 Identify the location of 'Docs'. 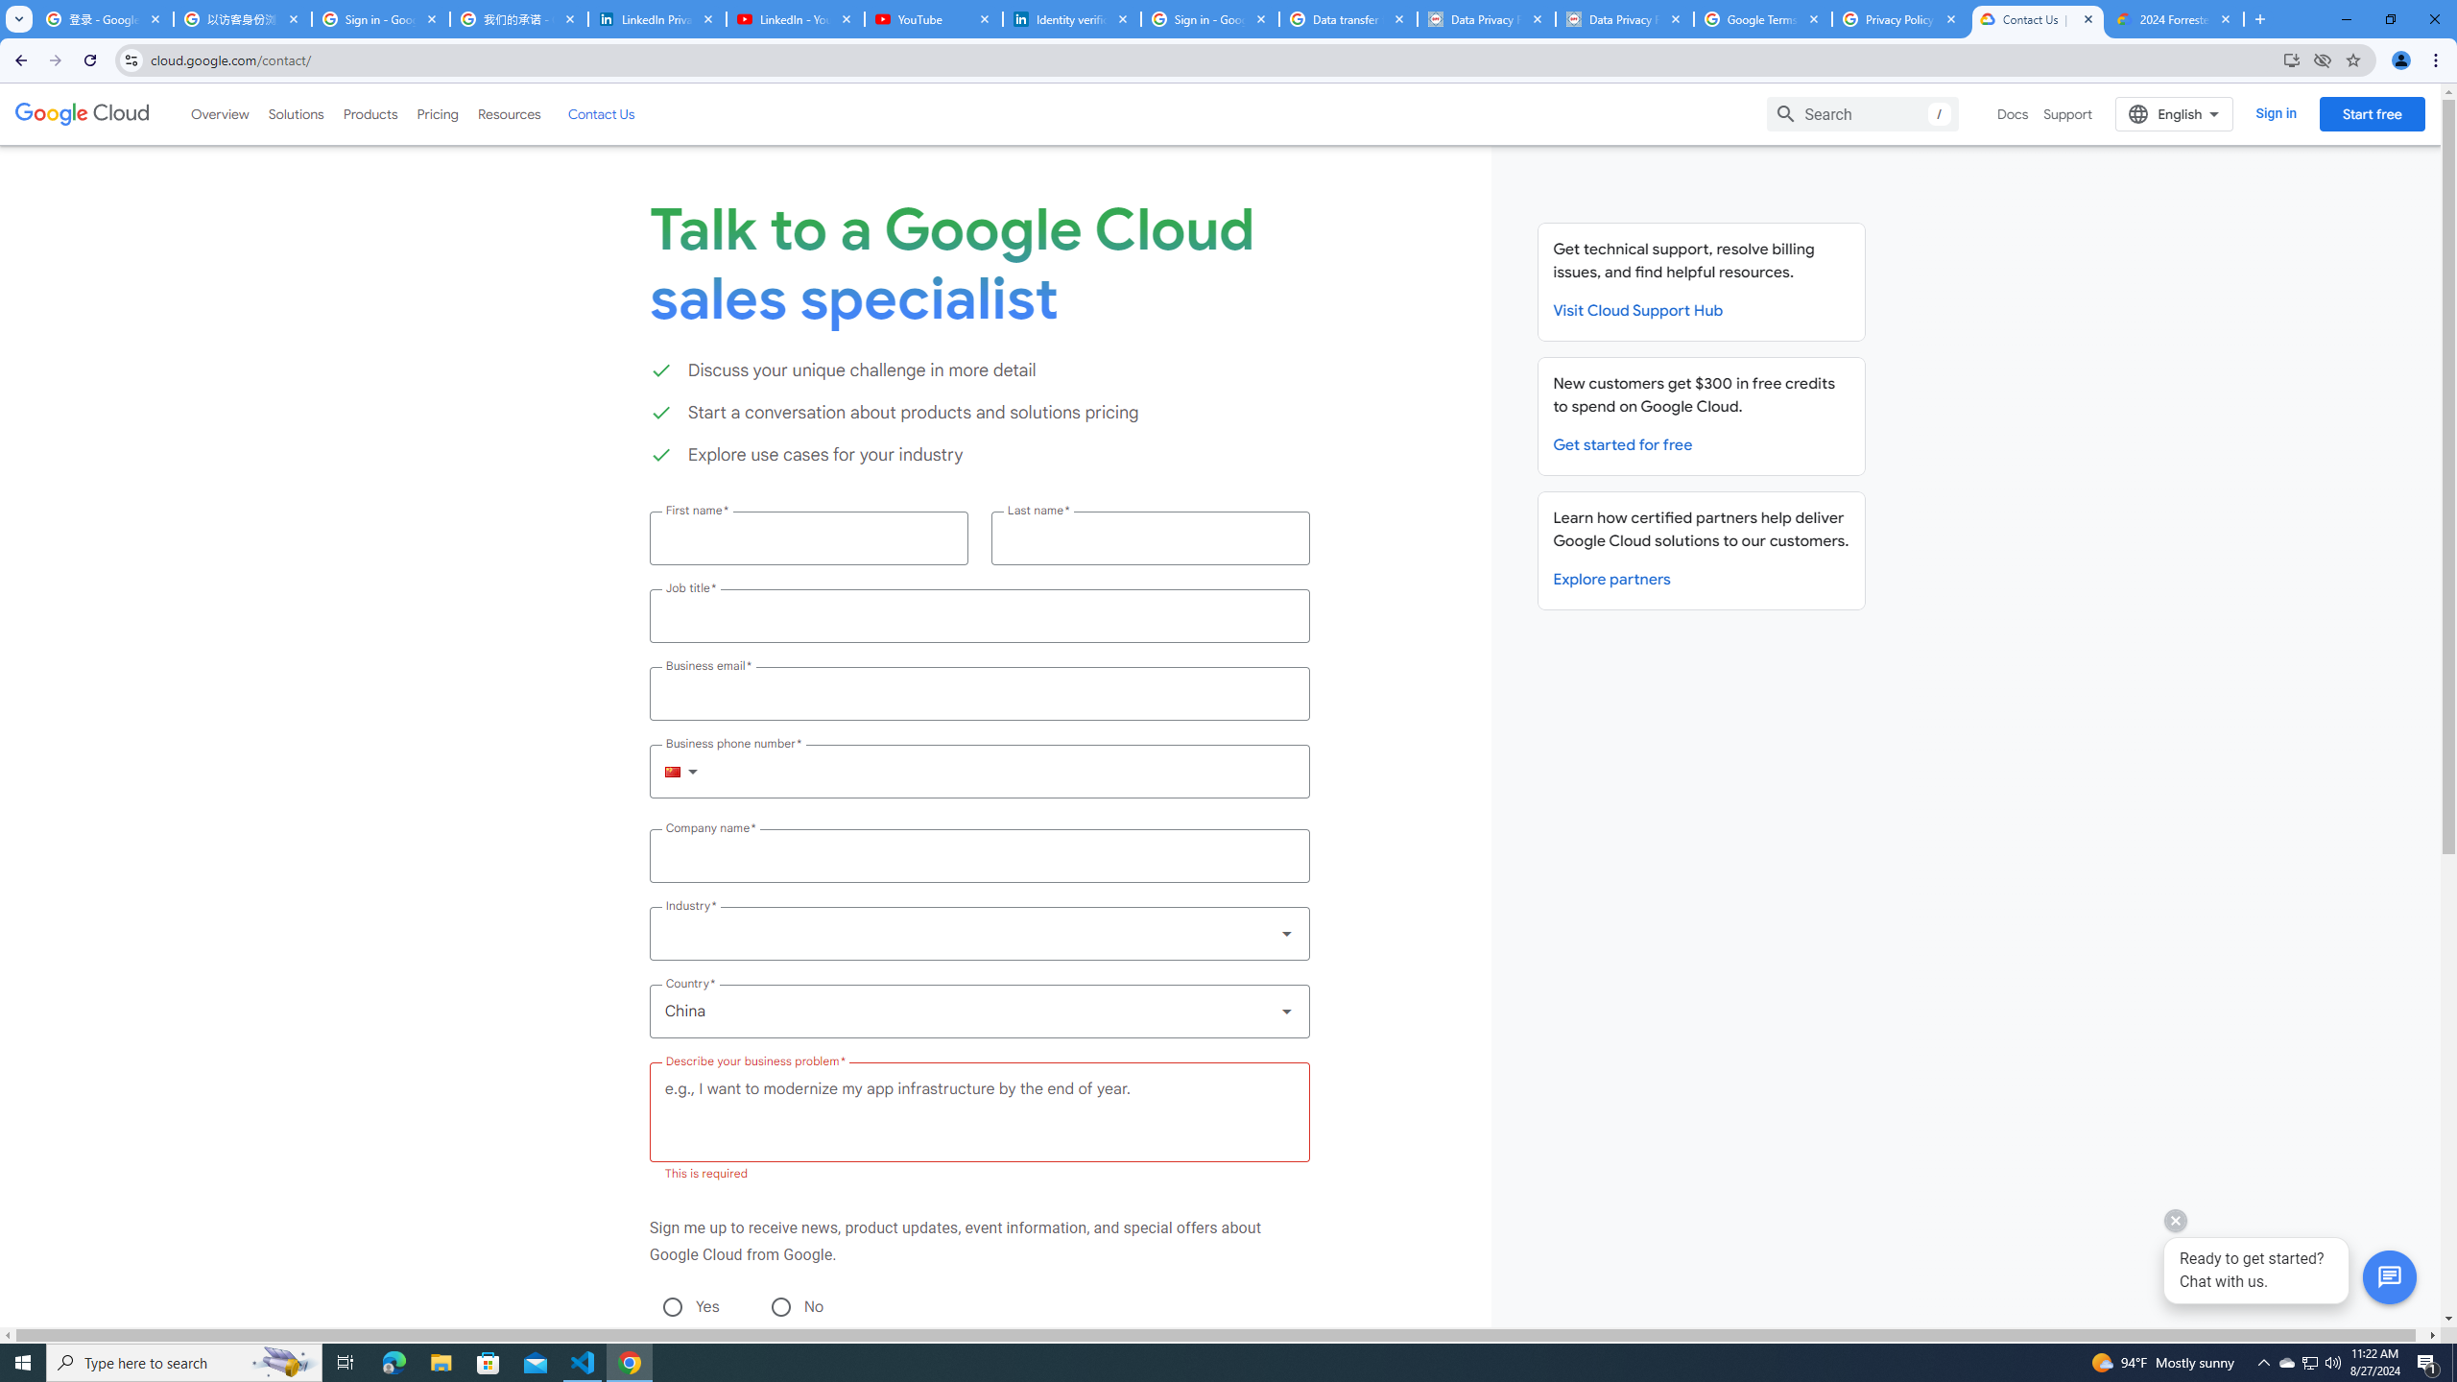
(2012, 113).